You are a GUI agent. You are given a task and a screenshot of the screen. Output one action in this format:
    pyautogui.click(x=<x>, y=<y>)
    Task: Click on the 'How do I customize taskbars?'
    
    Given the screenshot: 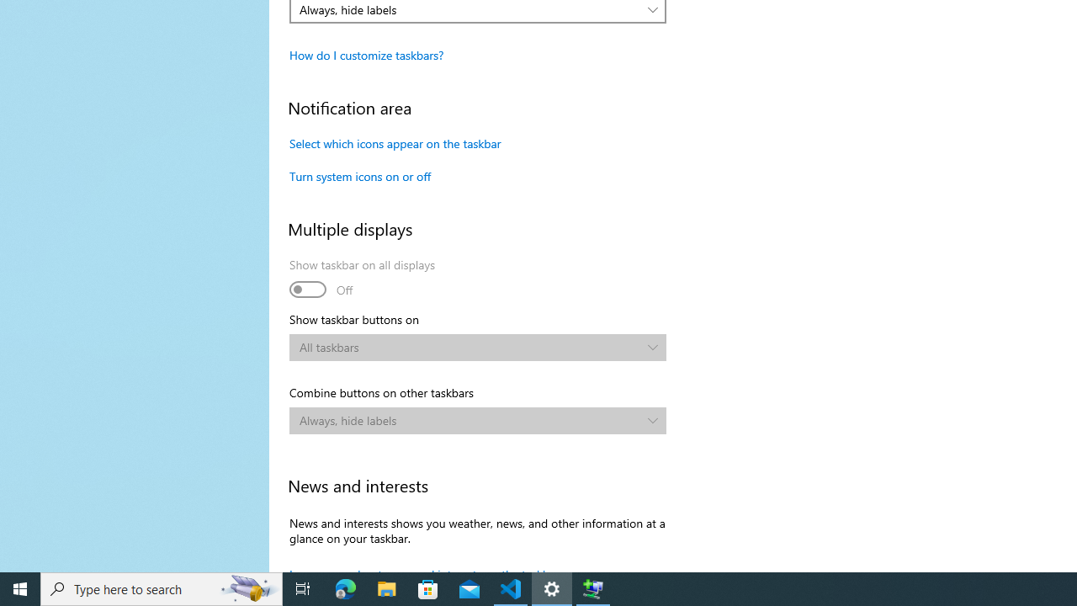 What is the action you would take?
    pyautogui.click(x=365, y=54)
    